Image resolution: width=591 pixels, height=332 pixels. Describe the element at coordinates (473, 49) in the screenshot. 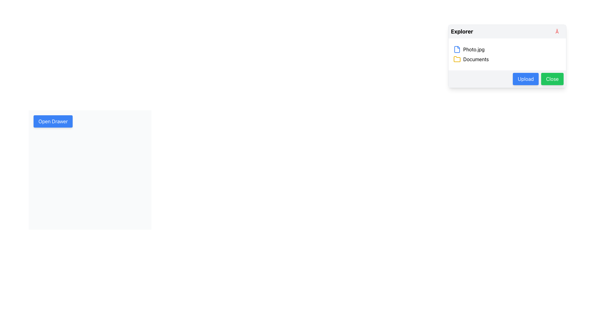

I see `the text label indicating the file named 'Photo.jpg'` at that location.